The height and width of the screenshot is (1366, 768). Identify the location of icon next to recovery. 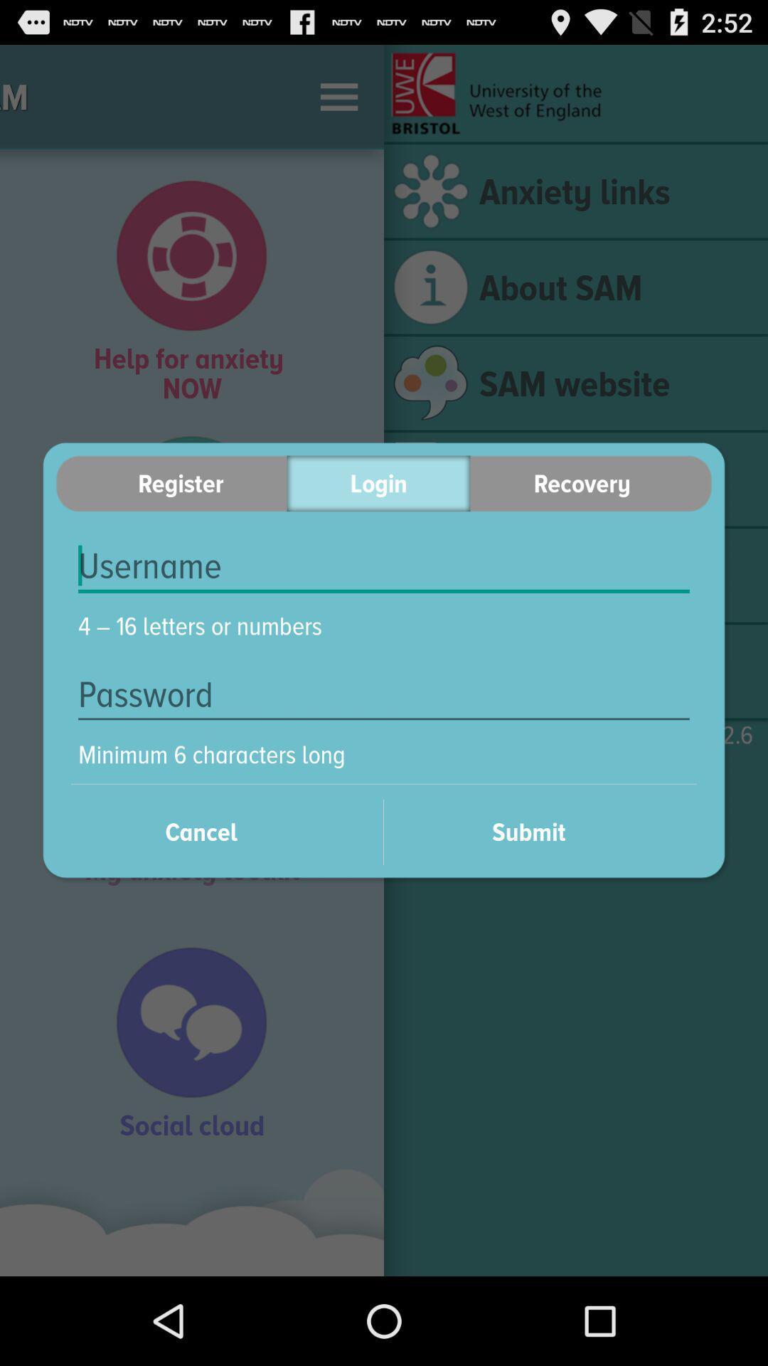
(378, 483).